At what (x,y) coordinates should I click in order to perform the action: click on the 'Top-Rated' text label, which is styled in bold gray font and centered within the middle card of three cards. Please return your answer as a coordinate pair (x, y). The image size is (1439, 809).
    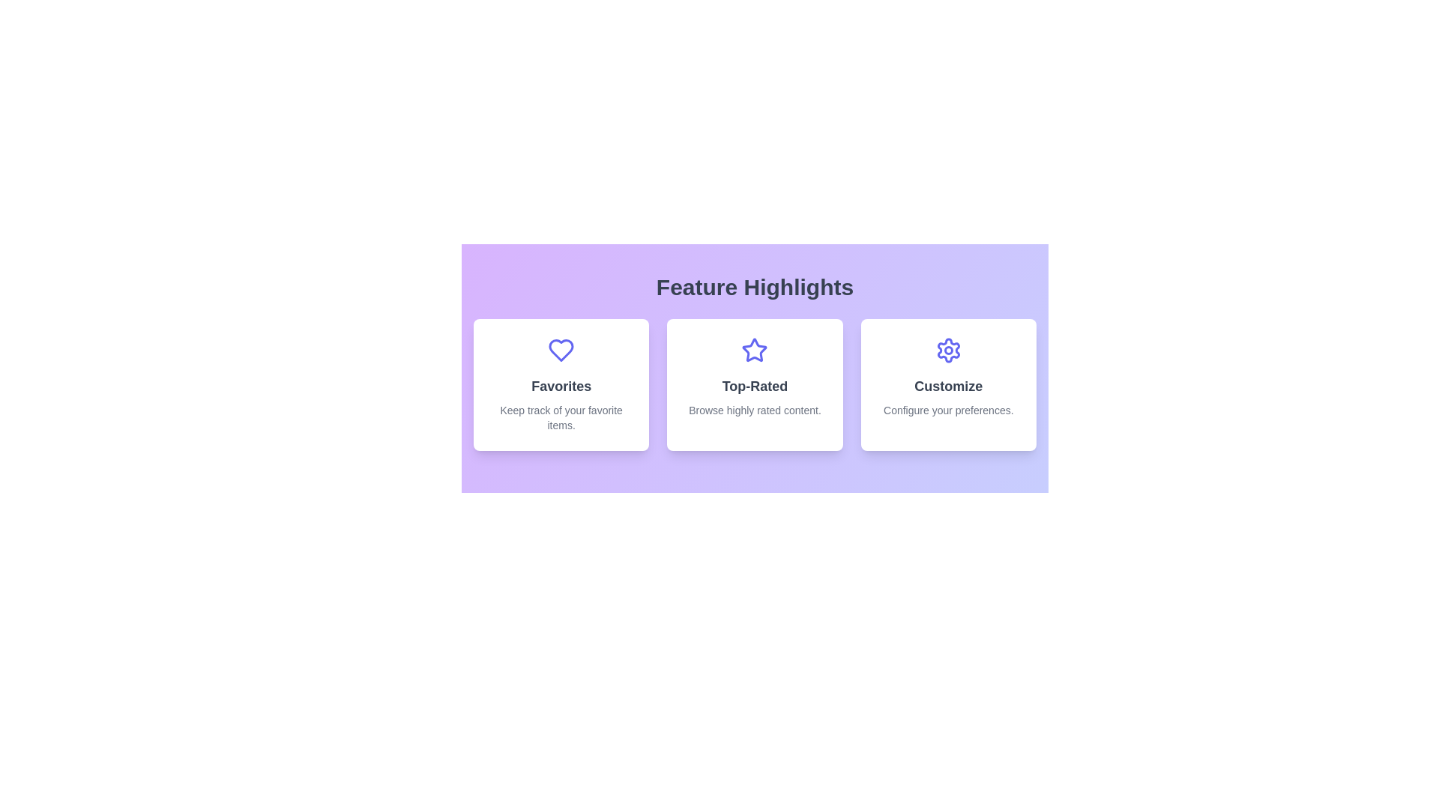
    Looking at the image, I should click on (755, 386).